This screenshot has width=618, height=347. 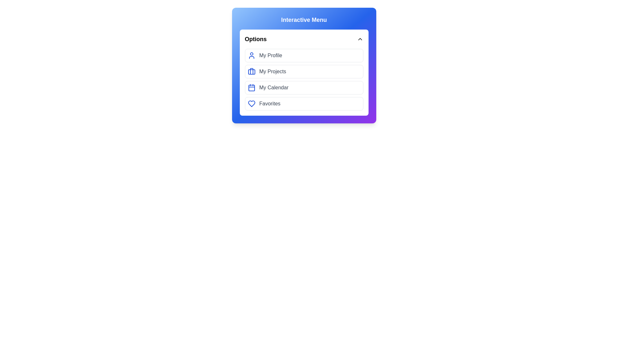 I want to click on the SVG rectangle element with rounded corners that is part of the briefcase icon, located near the 'My Projects' text in the 'Options' menu, so click(x=251, y=72).